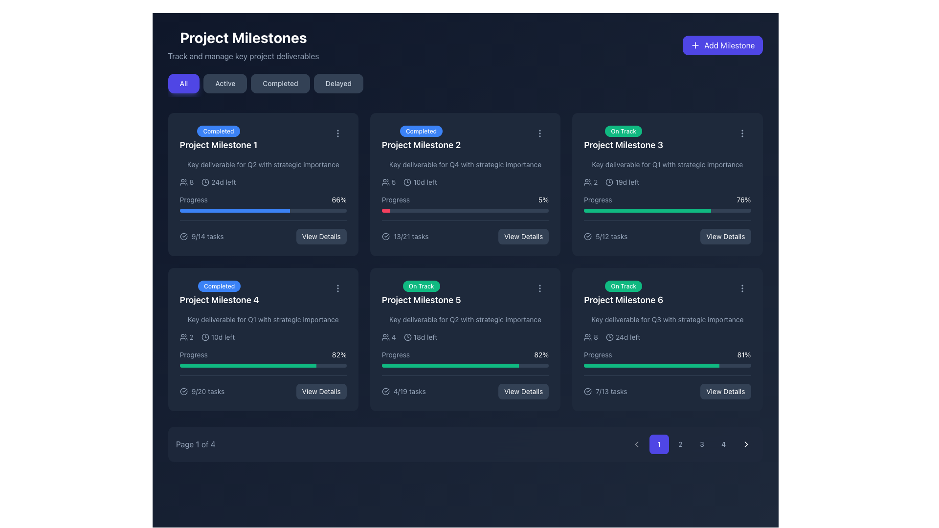  I want to click on Text Label displaying '82%' in white text against a dark background, located on the bottom-right of the 'Project Milestone 5' subsection, so click(339, 354).